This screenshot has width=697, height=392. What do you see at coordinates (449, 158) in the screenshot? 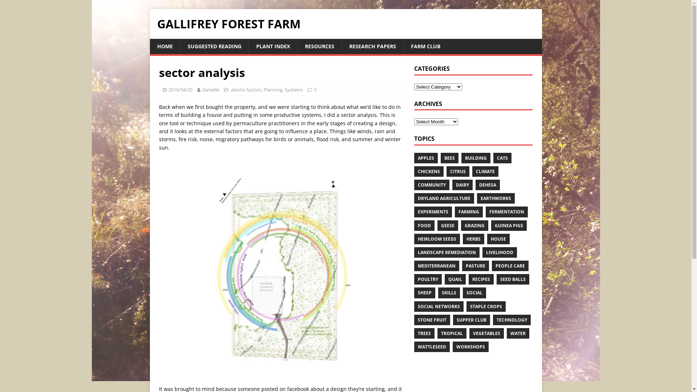
I see `'BEES'` at bounding box center [449, 158].